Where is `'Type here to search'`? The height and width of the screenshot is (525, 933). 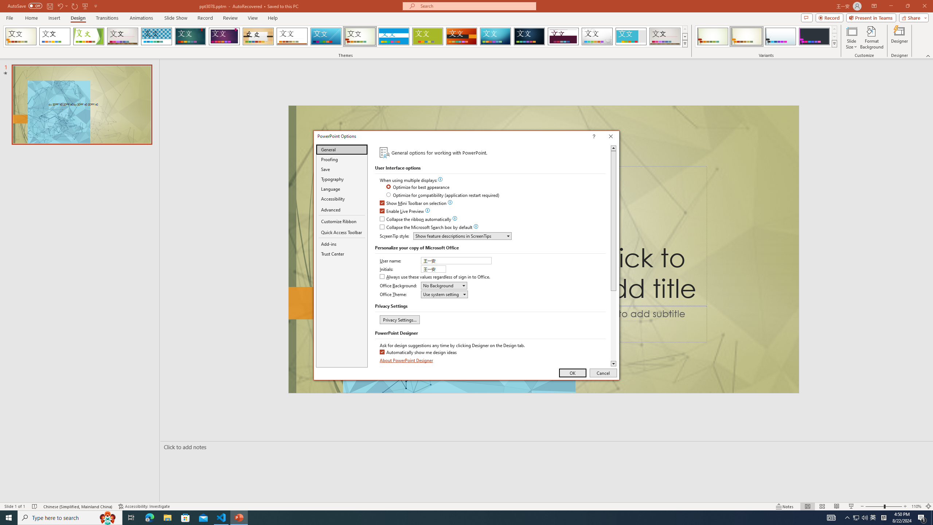
'Type here to search' is located at coordinates (70, 517).